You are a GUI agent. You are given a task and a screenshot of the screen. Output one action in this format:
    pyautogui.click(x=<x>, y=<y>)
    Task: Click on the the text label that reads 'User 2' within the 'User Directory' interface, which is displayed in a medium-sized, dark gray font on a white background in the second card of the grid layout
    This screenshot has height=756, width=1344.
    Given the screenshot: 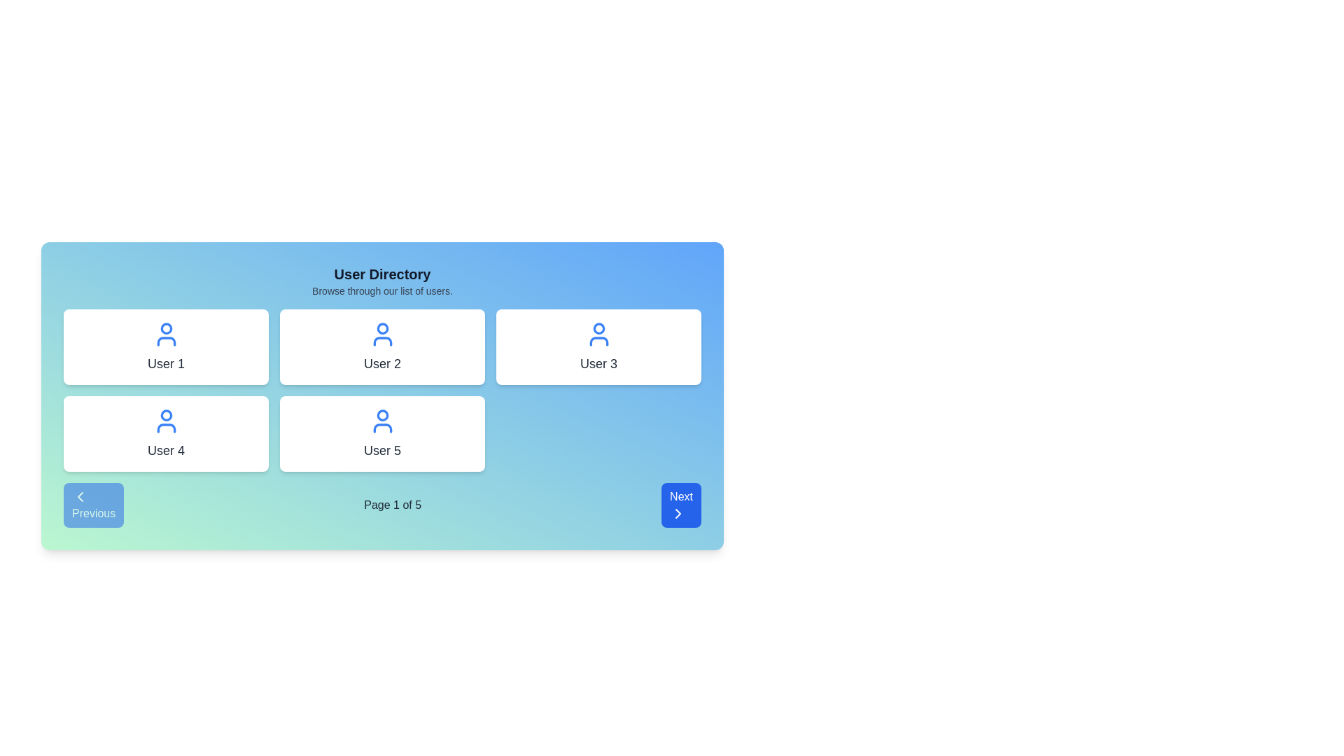 What is the action you would take?
    pyautogui.click(x=382, y=363)
    